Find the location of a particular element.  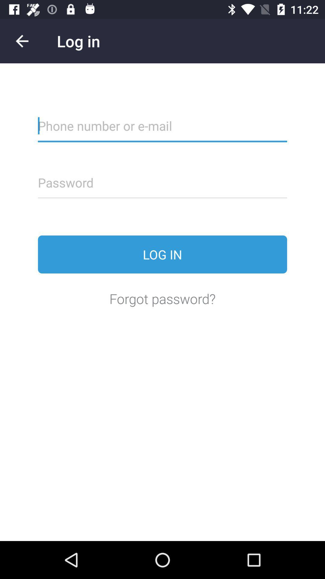

password is located at coordinates (162, 186).